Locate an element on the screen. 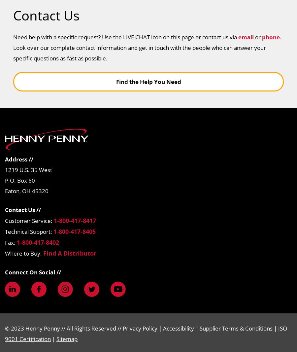  'Connect On Social //' is located at coordinates (32, 272).